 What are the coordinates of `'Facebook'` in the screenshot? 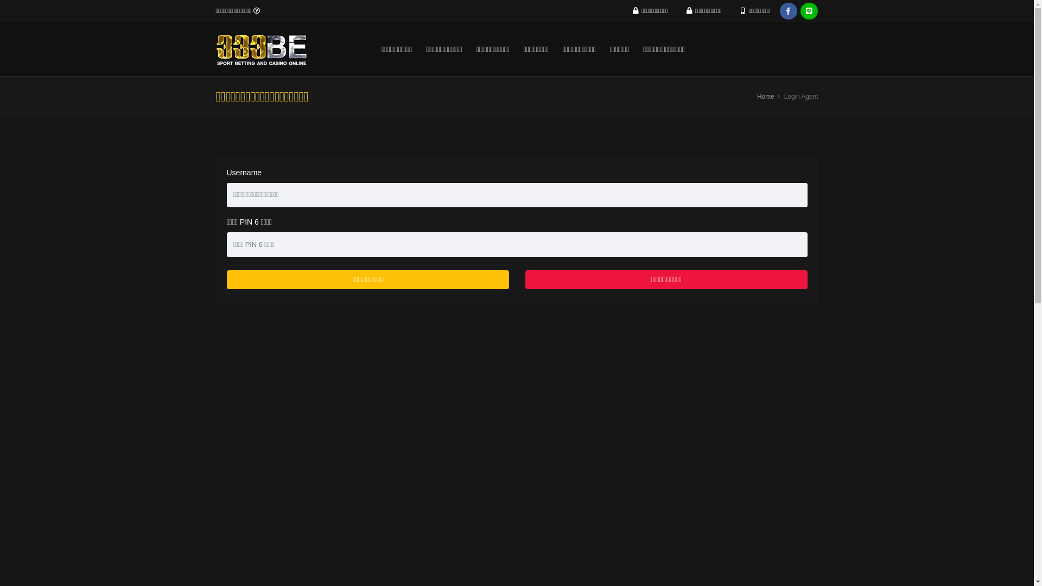 It's located at (789, 11).